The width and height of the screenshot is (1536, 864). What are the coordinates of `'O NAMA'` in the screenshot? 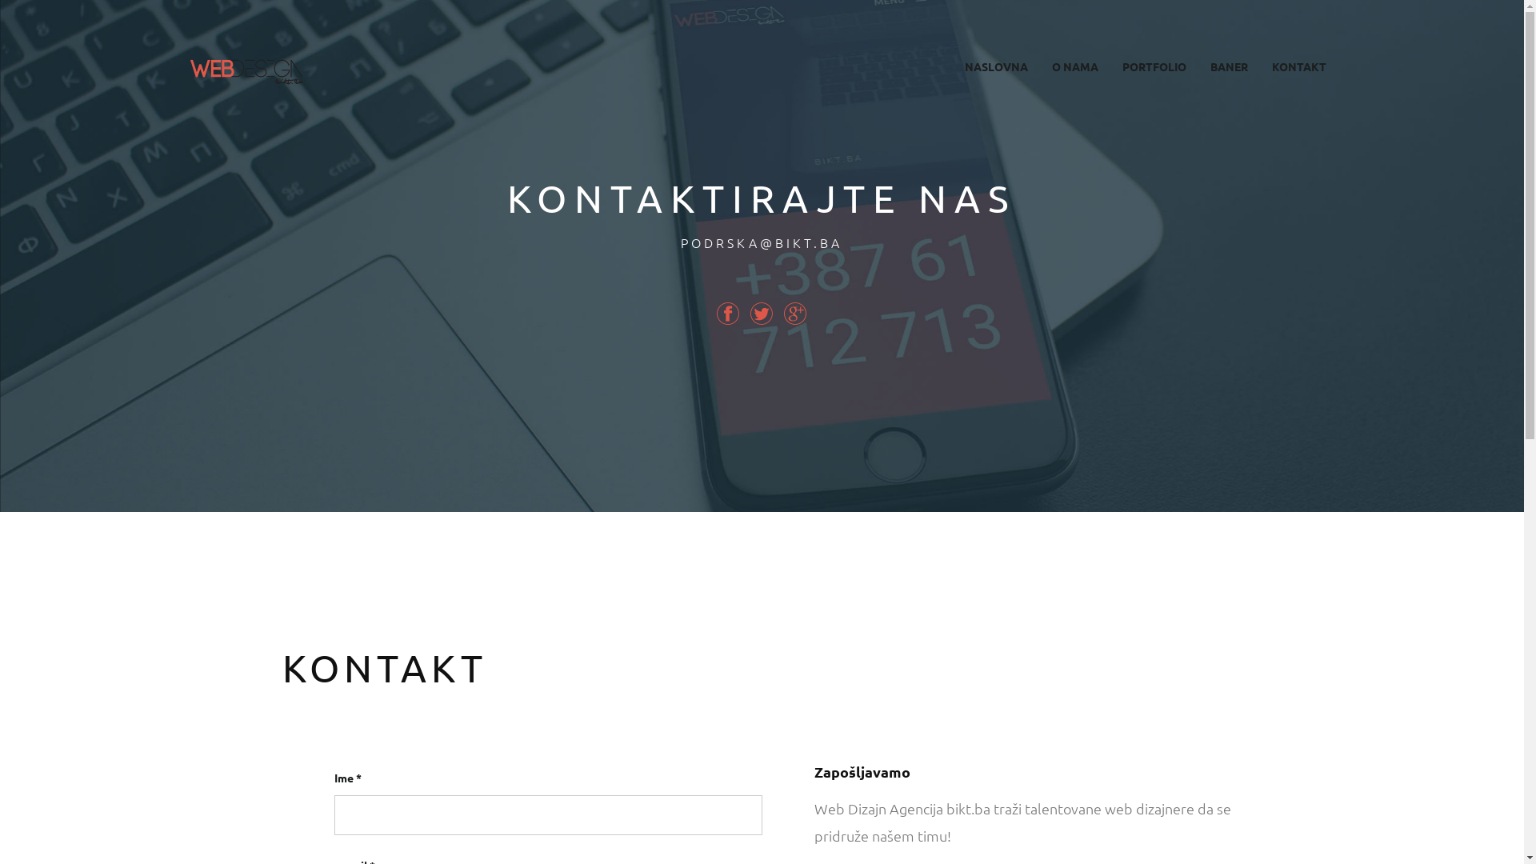 It's located at (1075, 66).